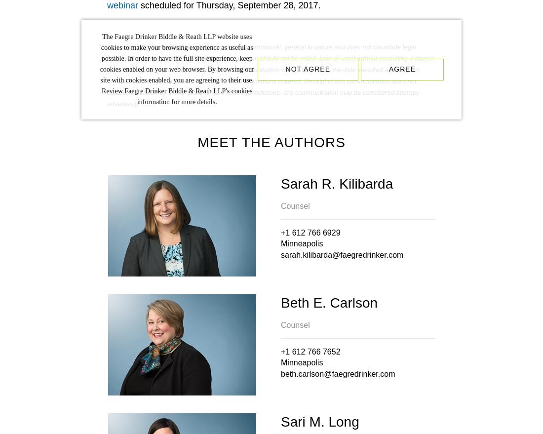 The image size is (543, 434). Describe the element at coordinates (306, 254) in the screenshot. I see `'sarah.kilibarda'` at that location.